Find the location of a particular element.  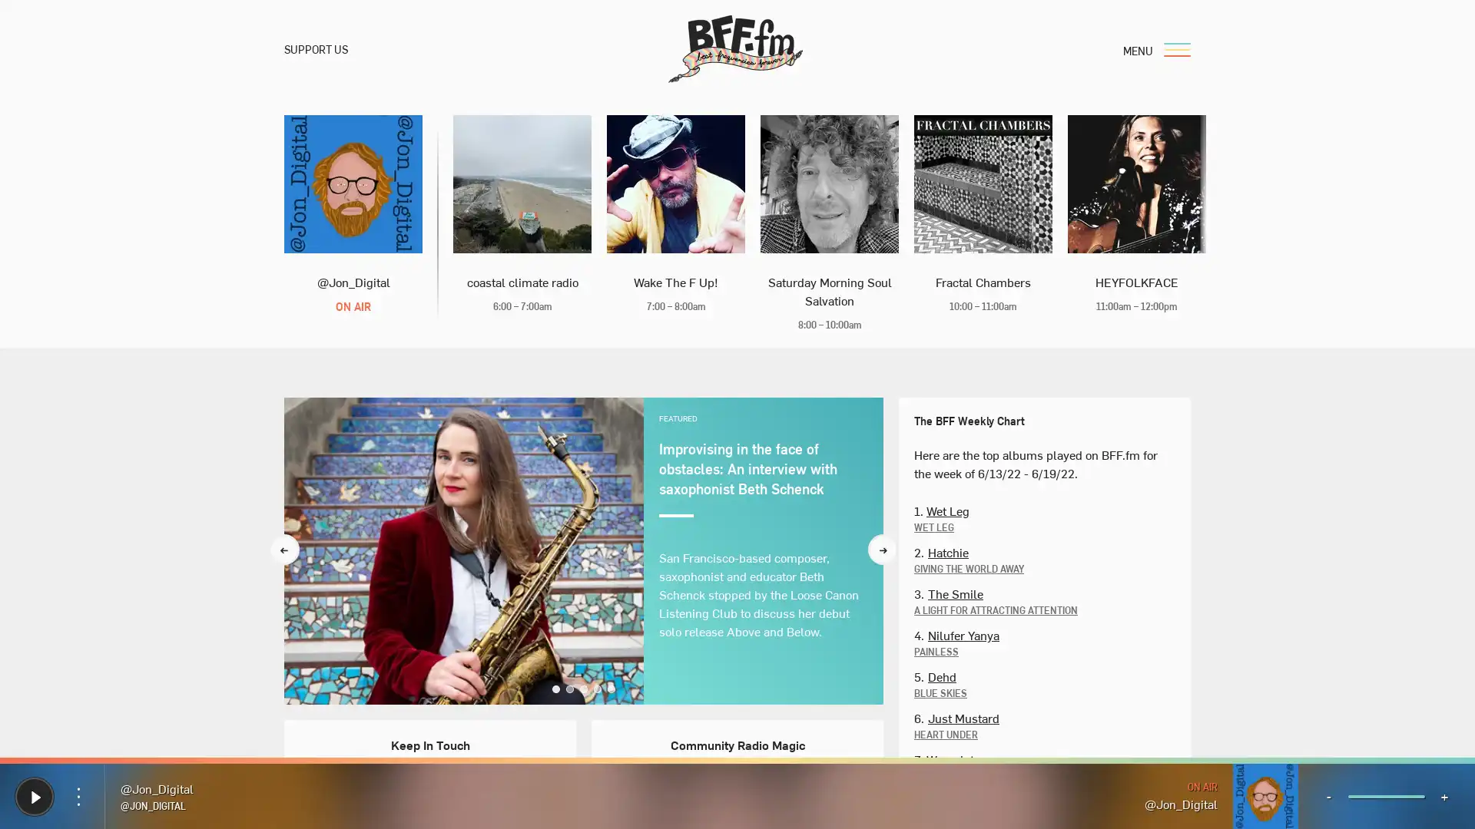

- Volume Down is located at coordinates (1327, 795).